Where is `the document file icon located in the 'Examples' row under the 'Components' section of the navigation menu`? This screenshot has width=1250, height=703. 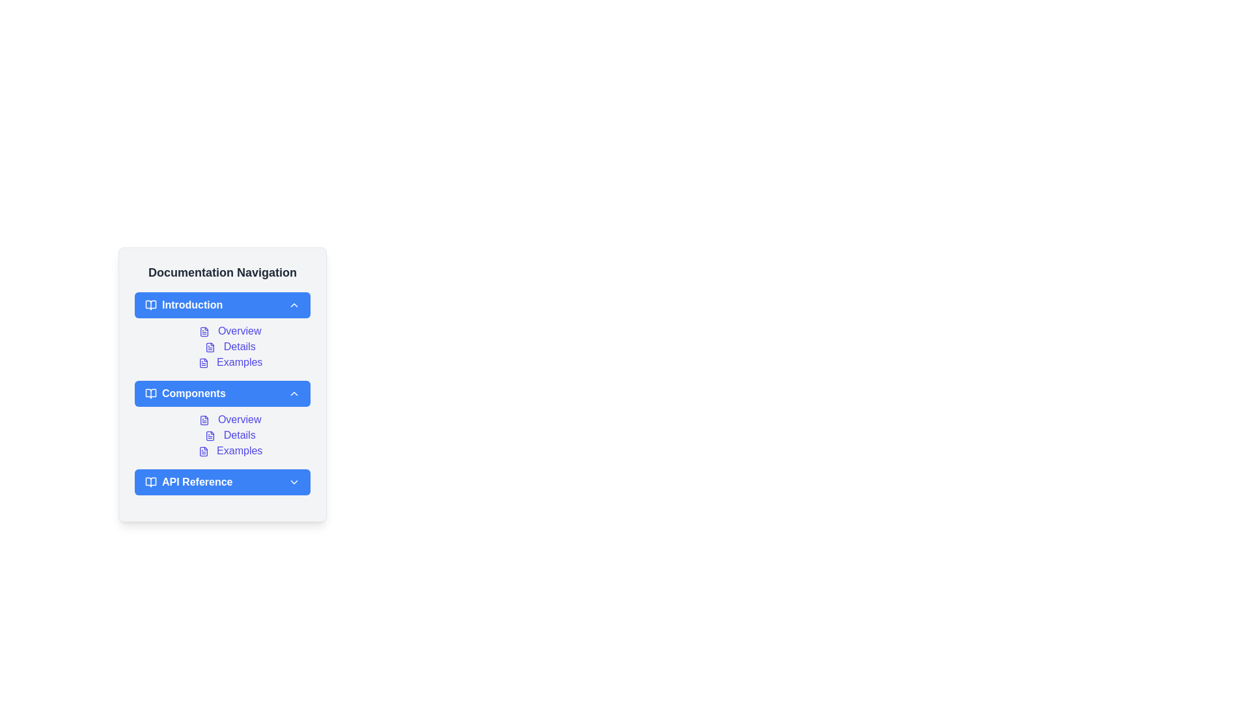
the document file icon located in the 'Examples' row under the 'Components' section of the navigation menu is located at coordinates (202, 450).